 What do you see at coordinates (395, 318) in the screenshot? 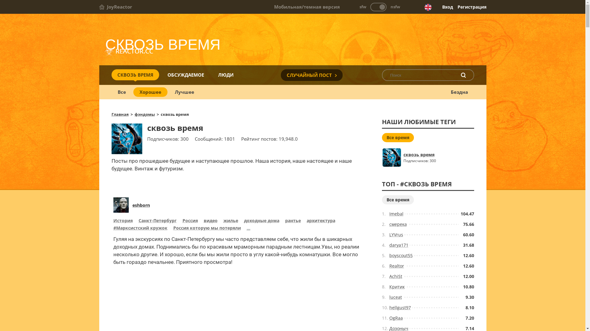
I see `'OgRaa'` at bounding box center [395, 318].